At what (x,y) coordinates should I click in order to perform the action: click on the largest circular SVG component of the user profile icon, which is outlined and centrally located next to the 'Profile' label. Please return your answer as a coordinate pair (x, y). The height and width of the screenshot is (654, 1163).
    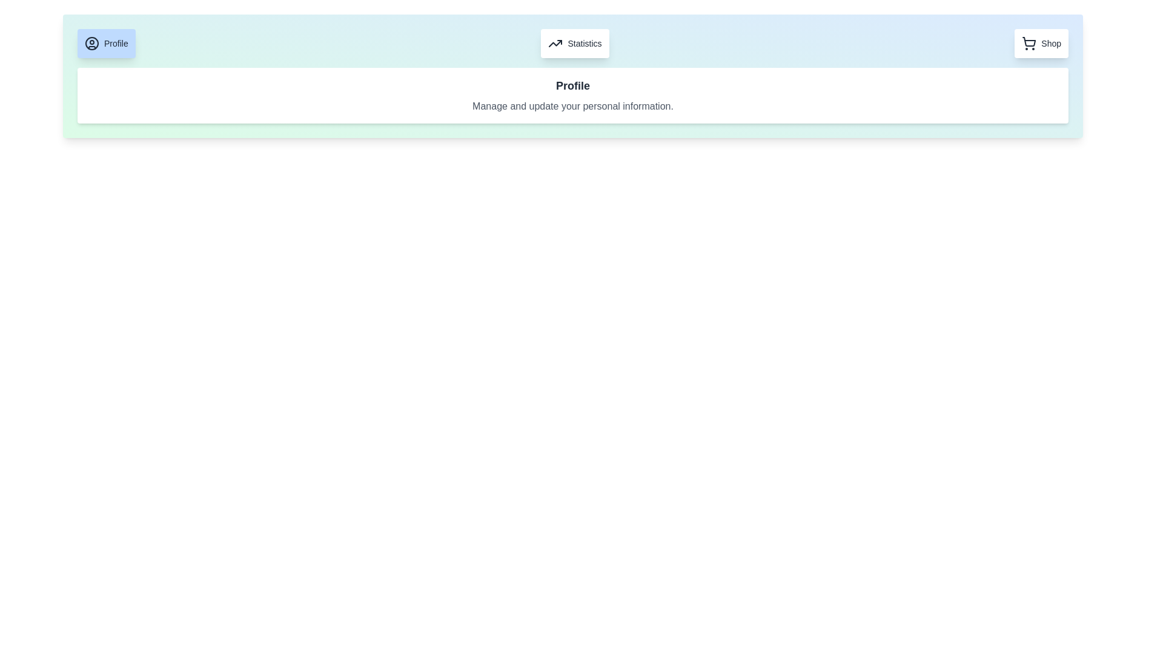
    Looking at the image, I should click on (91, 43).